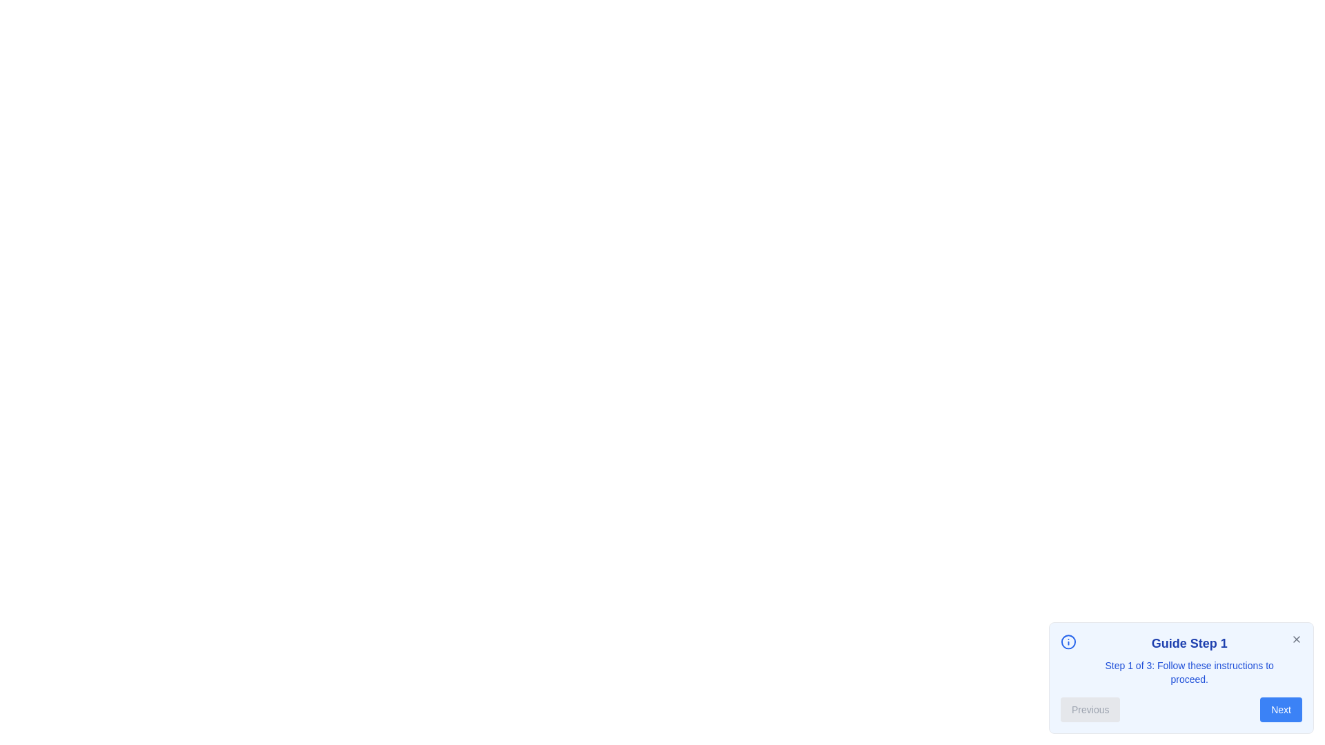  I want to click on 'Next' button to proceed to the next step, so click(1280, 710).